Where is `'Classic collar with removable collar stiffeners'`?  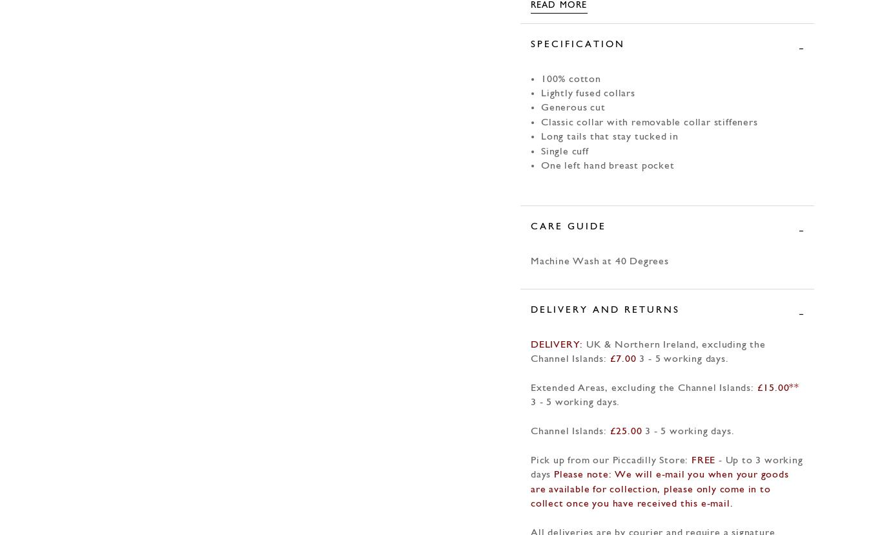 'Classic collar with removable collar stiffeners' is located at coordinates (648, 121).